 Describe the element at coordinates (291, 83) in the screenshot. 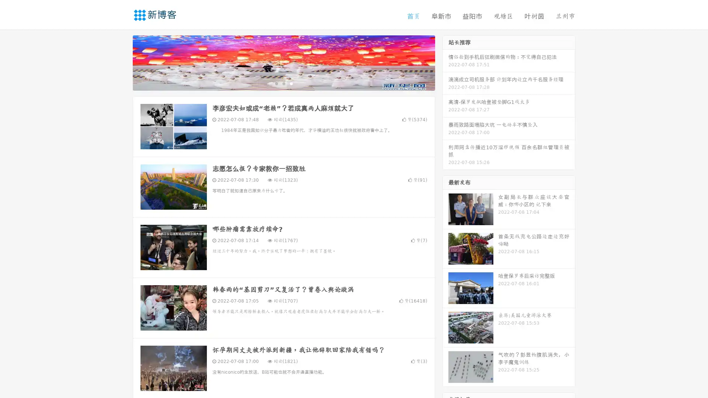

I see `Go to slide 3` at that location.